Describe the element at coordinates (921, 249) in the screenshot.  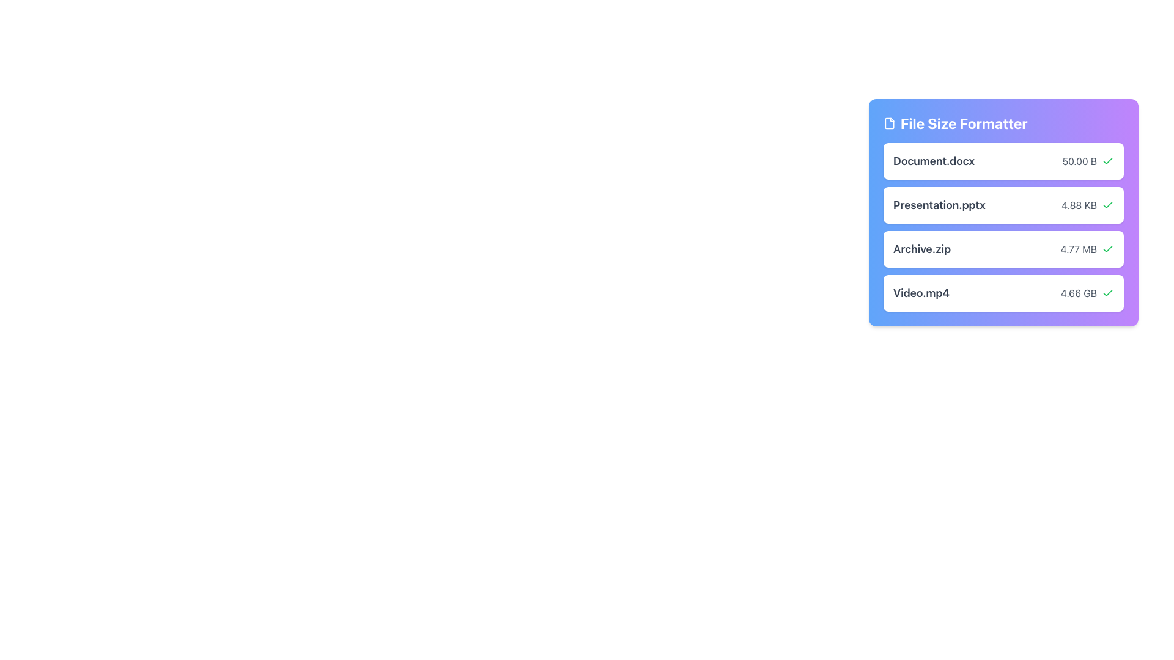
I see `the 'Archive.zip' text label, which is styled in a large, bold font with a dark gray color` at that location.